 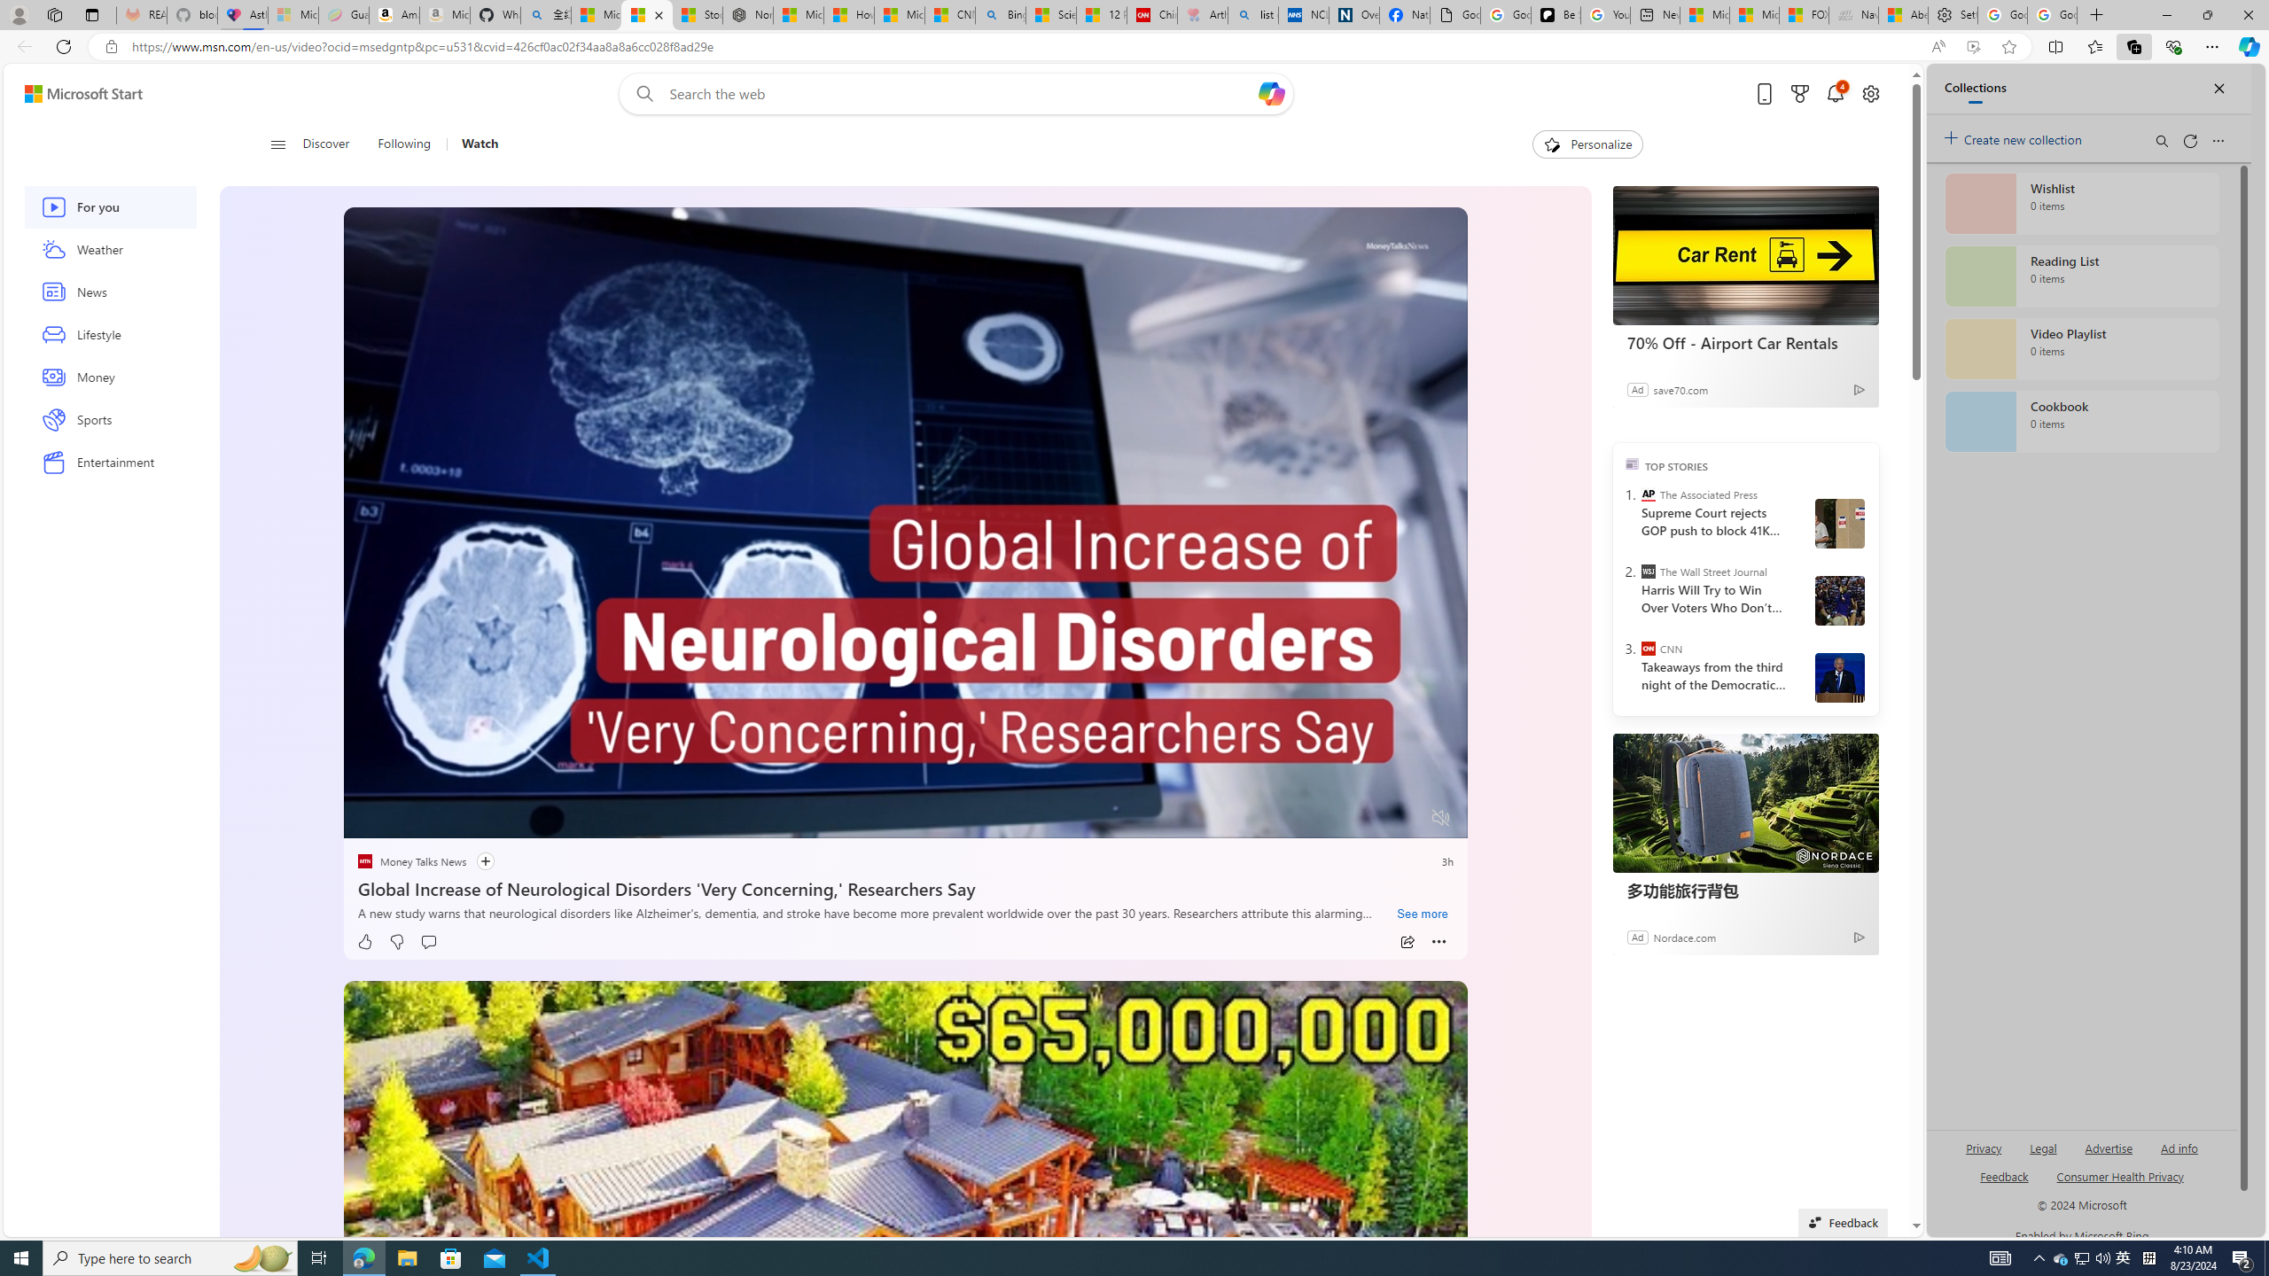 What do you see at coordinates (1685, 936) in the screenshot?
I see `'Nordace.com'` at bounding box center [1685, 936].